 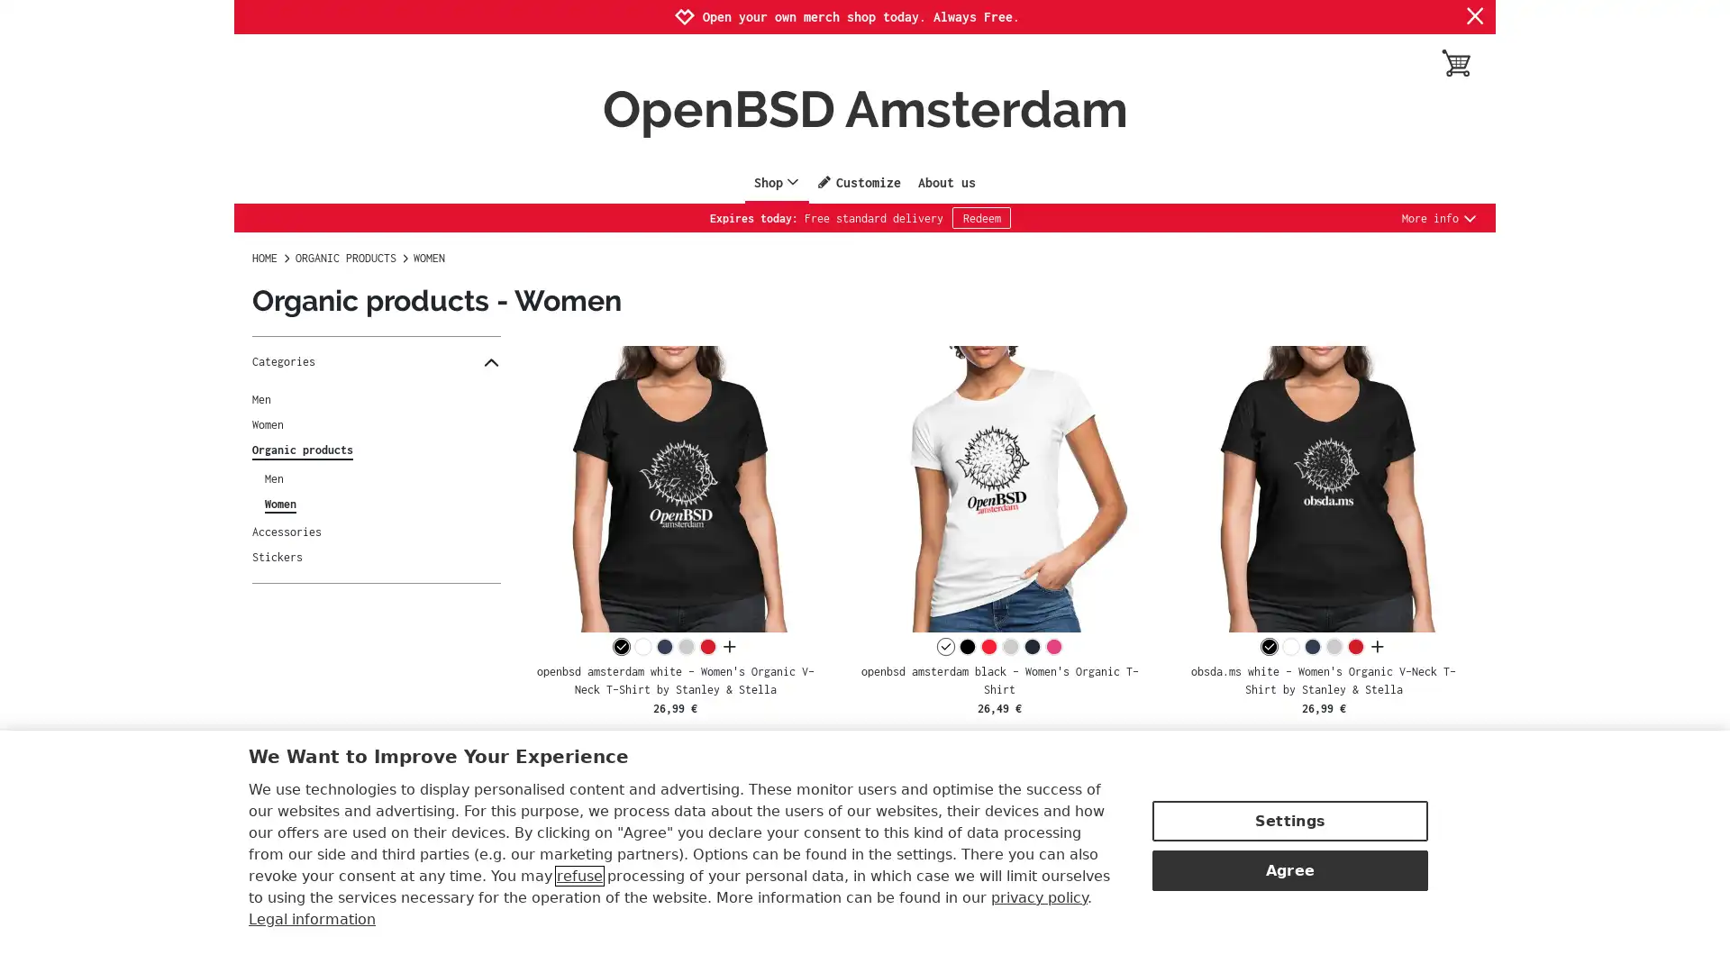 I want to click on red, so click(x=706, y=646).